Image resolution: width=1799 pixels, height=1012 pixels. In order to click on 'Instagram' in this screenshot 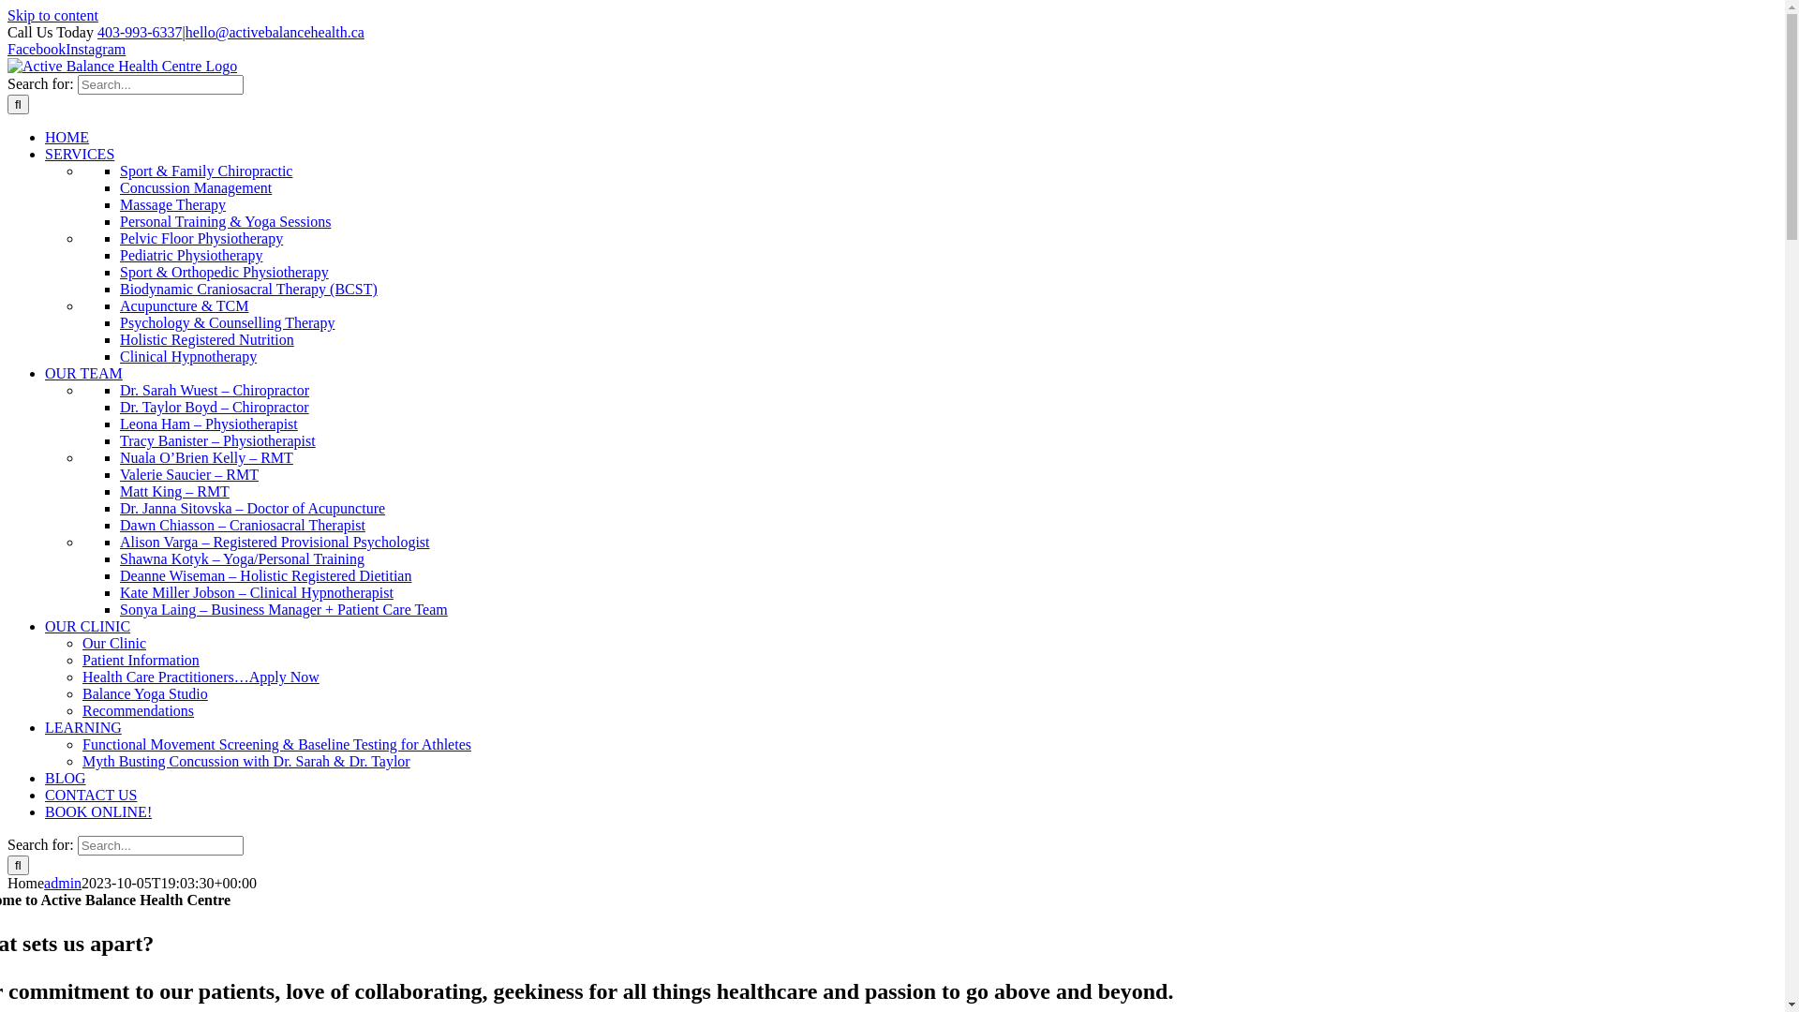, I will do `click(94, 48)`.